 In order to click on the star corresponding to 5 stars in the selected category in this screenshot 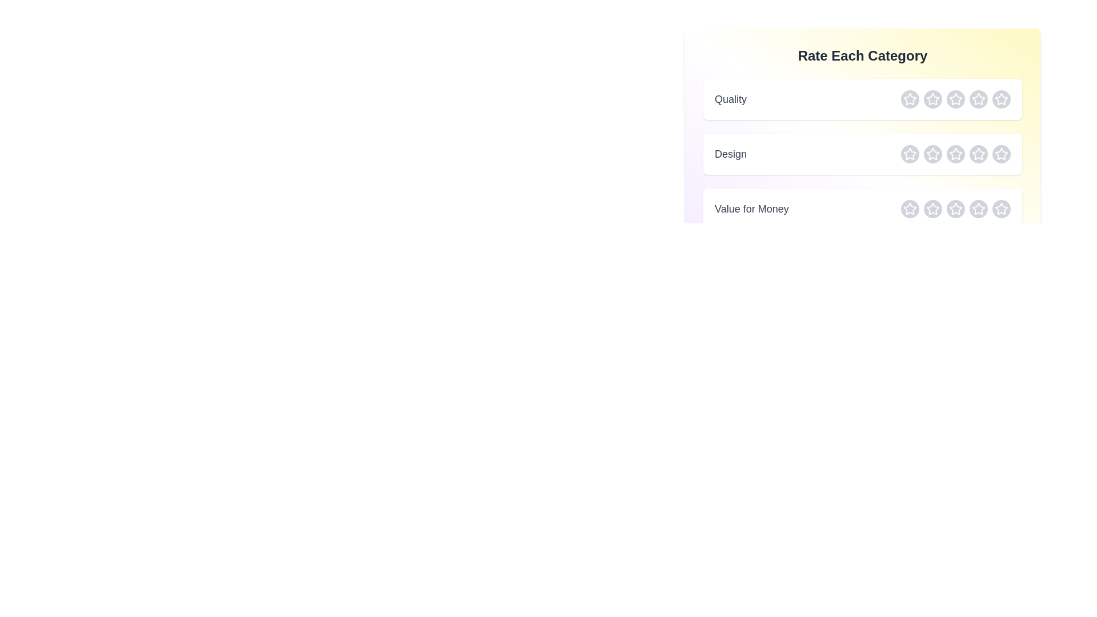, I will do `click(1000, 98)`.